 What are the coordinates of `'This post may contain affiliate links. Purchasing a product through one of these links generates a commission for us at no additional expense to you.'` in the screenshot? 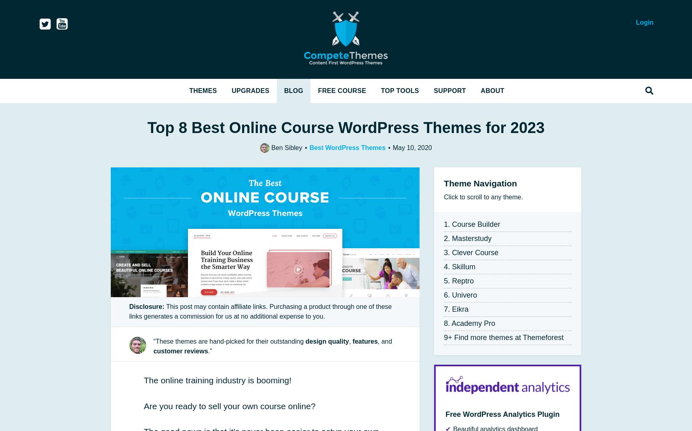 It's located at (260, 311).